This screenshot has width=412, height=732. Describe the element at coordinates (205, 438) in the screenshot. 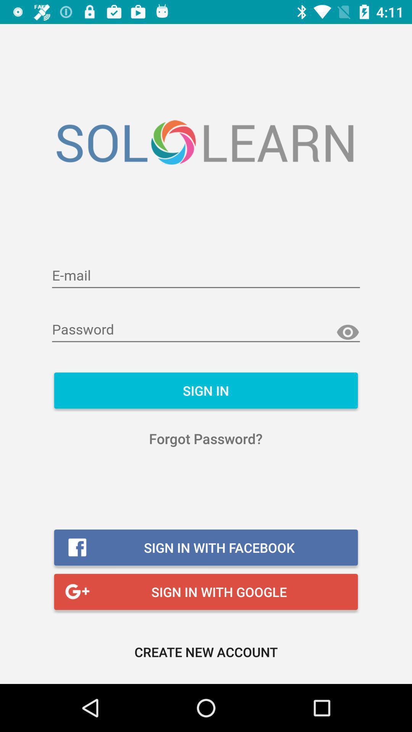

I see `item below sign in icon` at that location.